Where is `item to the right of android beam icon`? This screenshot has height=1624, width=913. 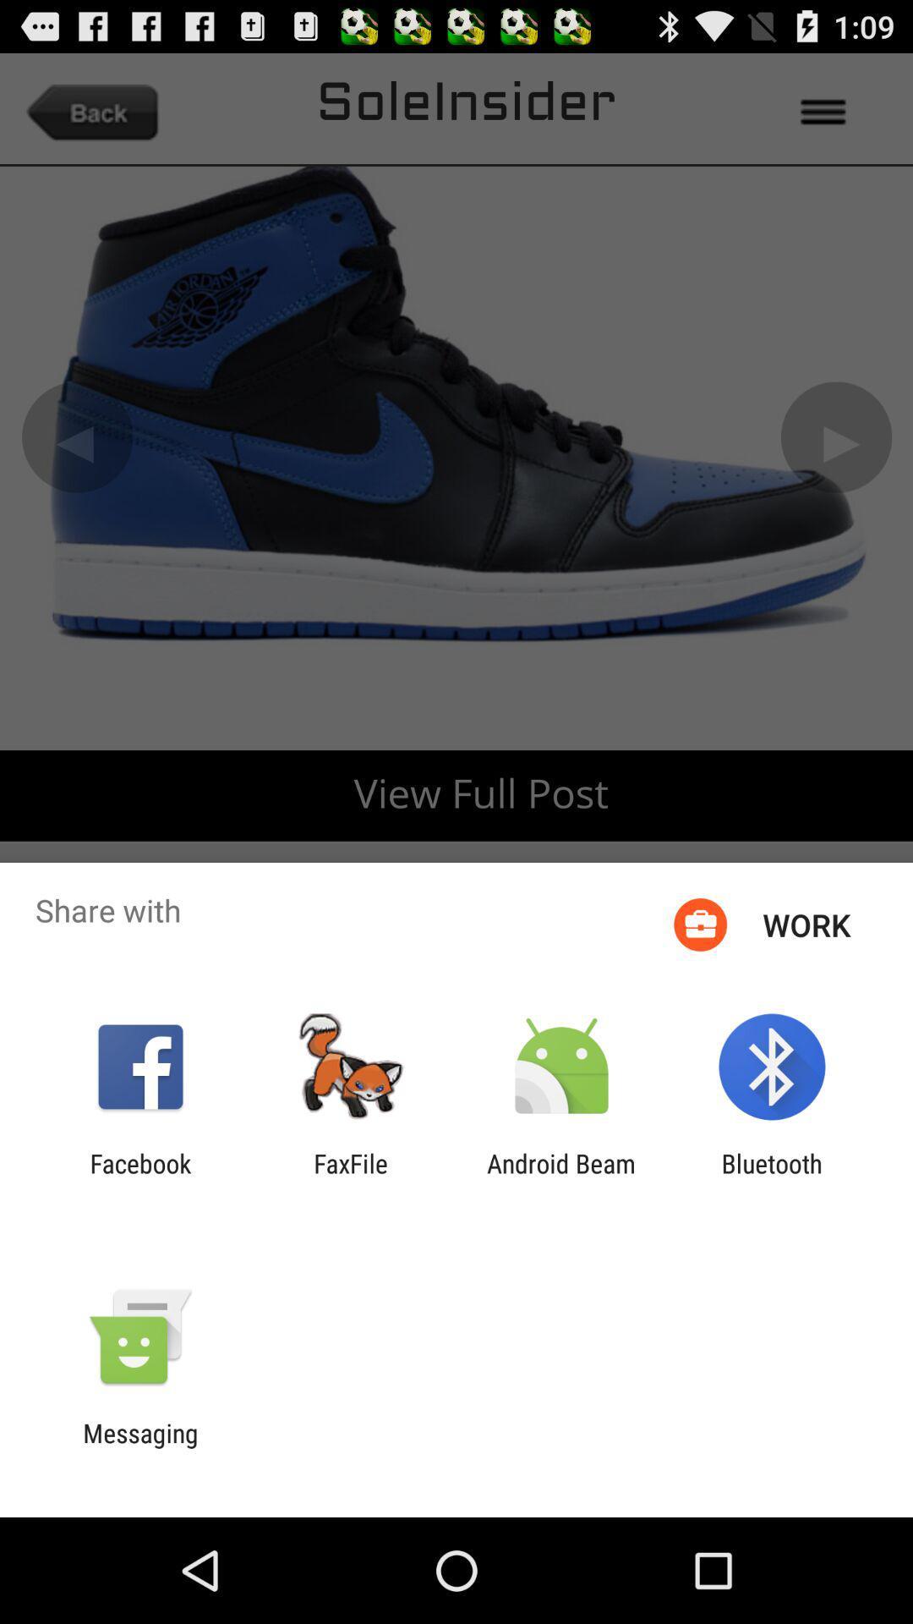
item to the right of android beam icon is located at coordinates (772, 1177).